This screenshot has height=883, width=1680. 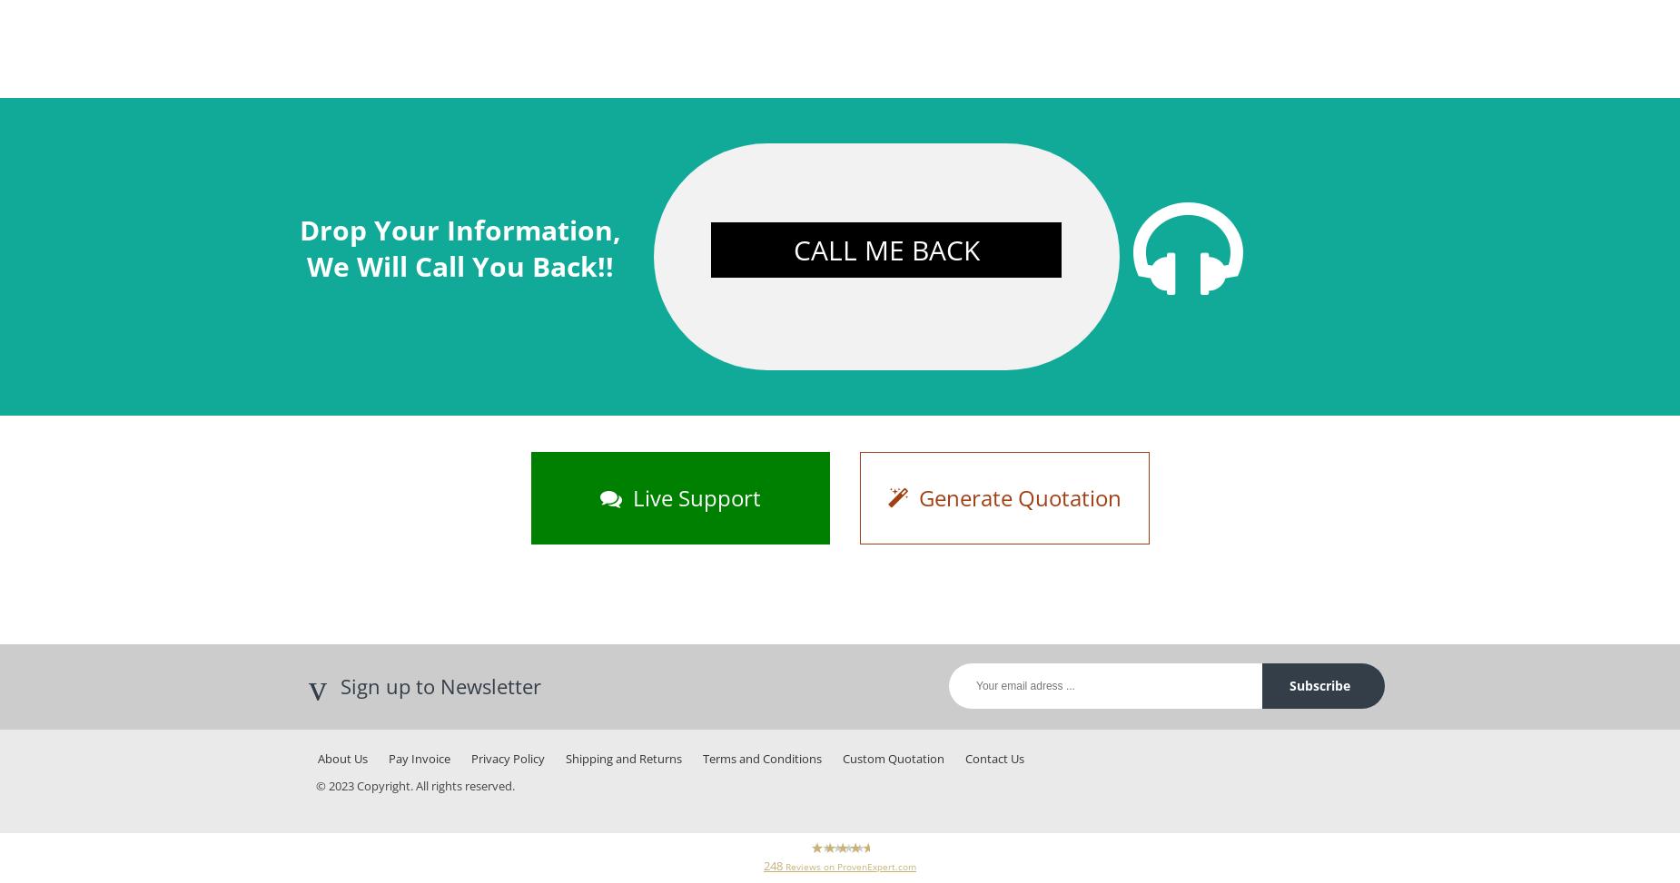 I want to click on 'About Us', so click(x=341, y=759).